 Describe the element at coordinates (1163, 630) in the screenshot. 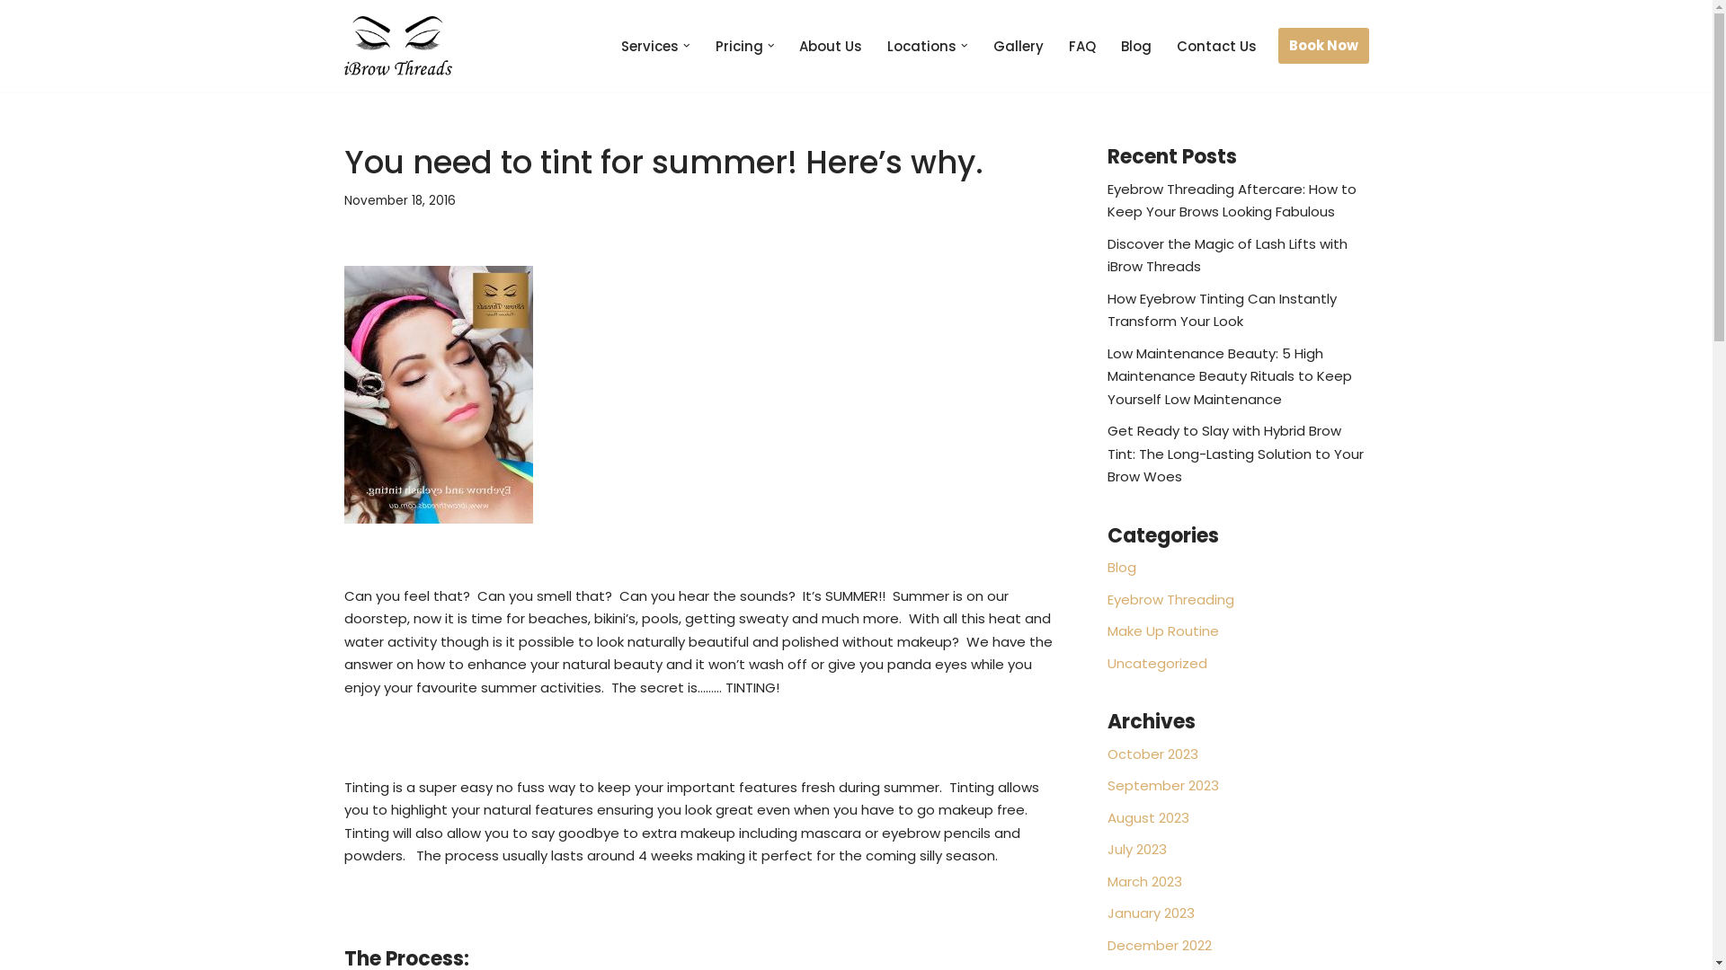

I see `'Make Up Routine'` at that location.